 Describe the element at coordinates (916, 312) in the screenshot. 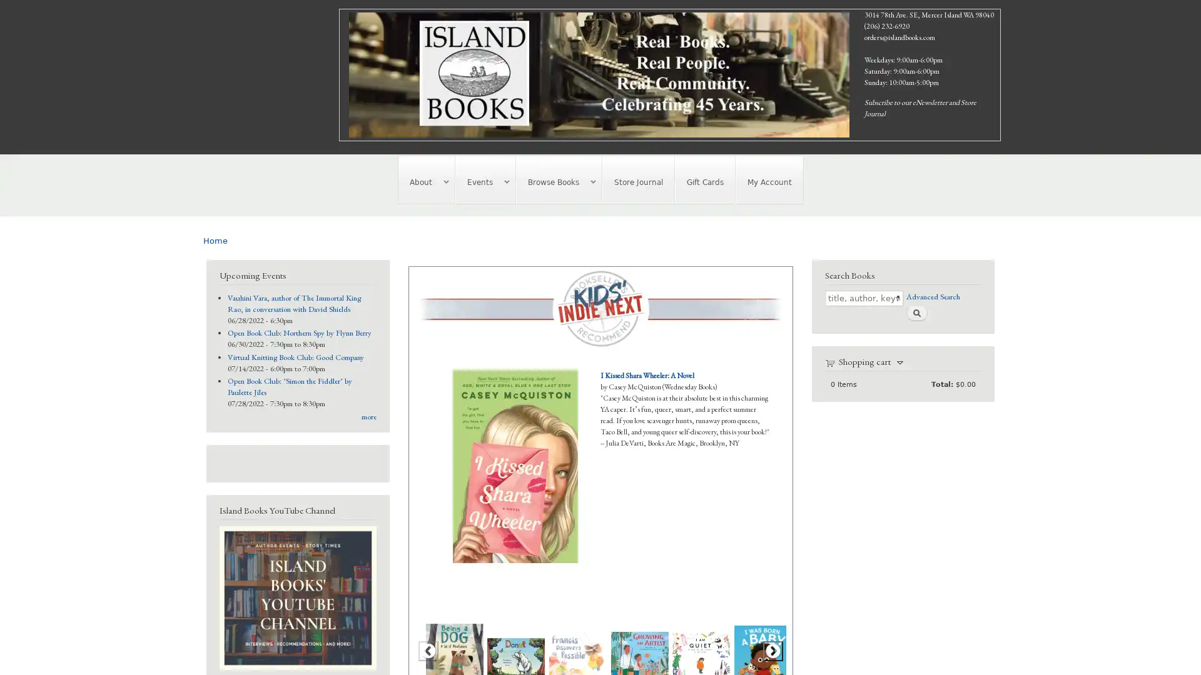

I see `Search` at that location.